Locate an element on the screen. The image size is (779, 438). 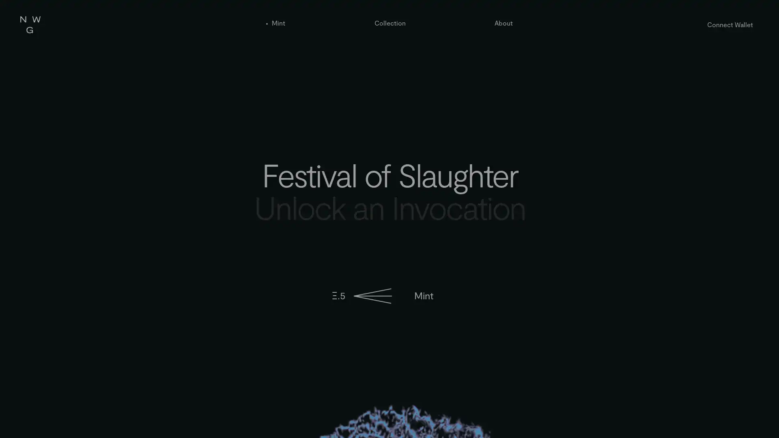
Mint is located at coordinates (423, 296).